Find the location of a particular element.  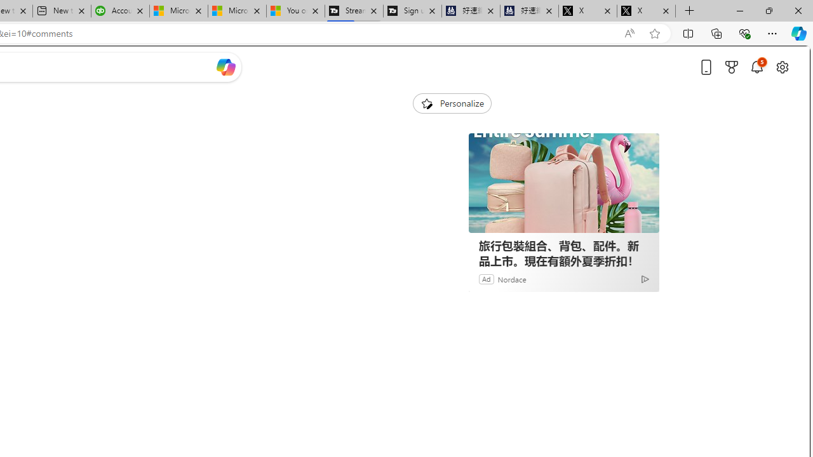

'Notifications' is located at coordinates (757, 67).